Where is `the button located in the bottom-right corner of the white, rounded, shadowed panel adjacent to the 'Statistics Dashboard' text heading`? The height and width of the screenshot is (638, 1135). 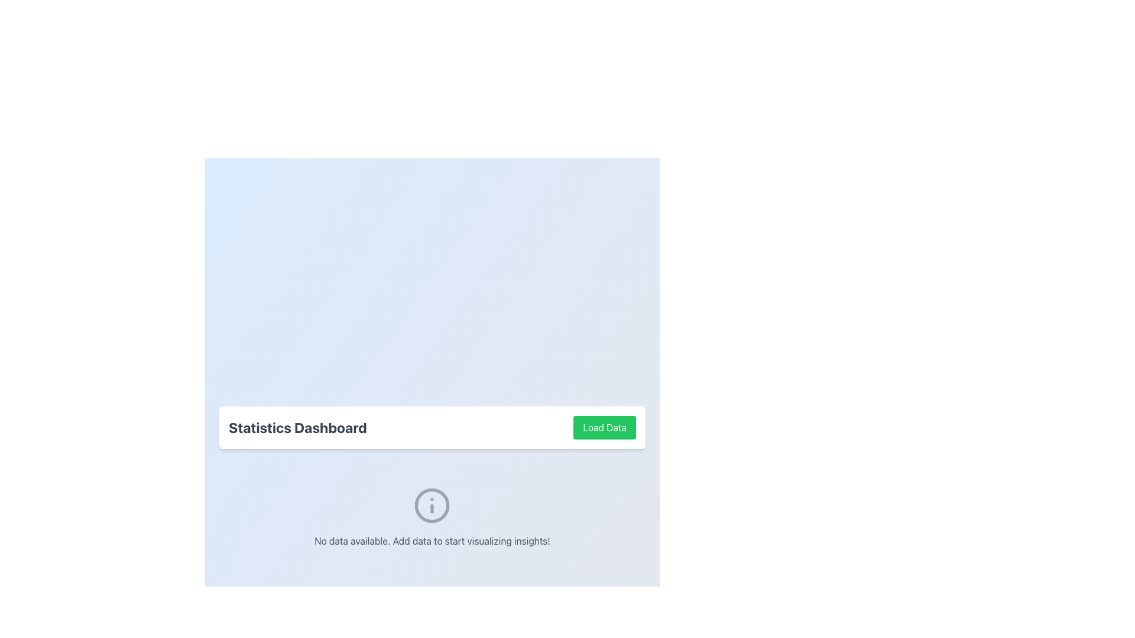
the button located in the bottom-right corner of the white, rounded, shadowed panel adjacent to the 'Statistics Dashboard' text heading is located at coordinates (605, 428).